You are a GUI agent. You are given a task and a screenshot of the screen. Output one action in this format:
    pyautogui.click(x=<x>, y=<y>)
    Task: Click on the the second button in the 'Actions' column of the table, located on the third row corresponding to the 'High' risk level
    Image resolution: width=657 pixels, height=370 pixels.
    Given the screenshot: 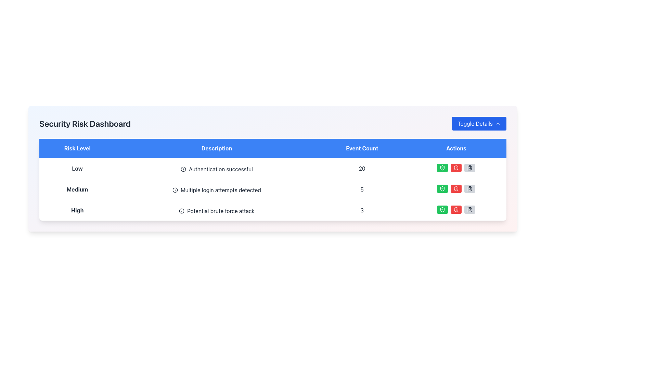 What is the action you would take?
    pyautogui.click(x=456, y=209)
    